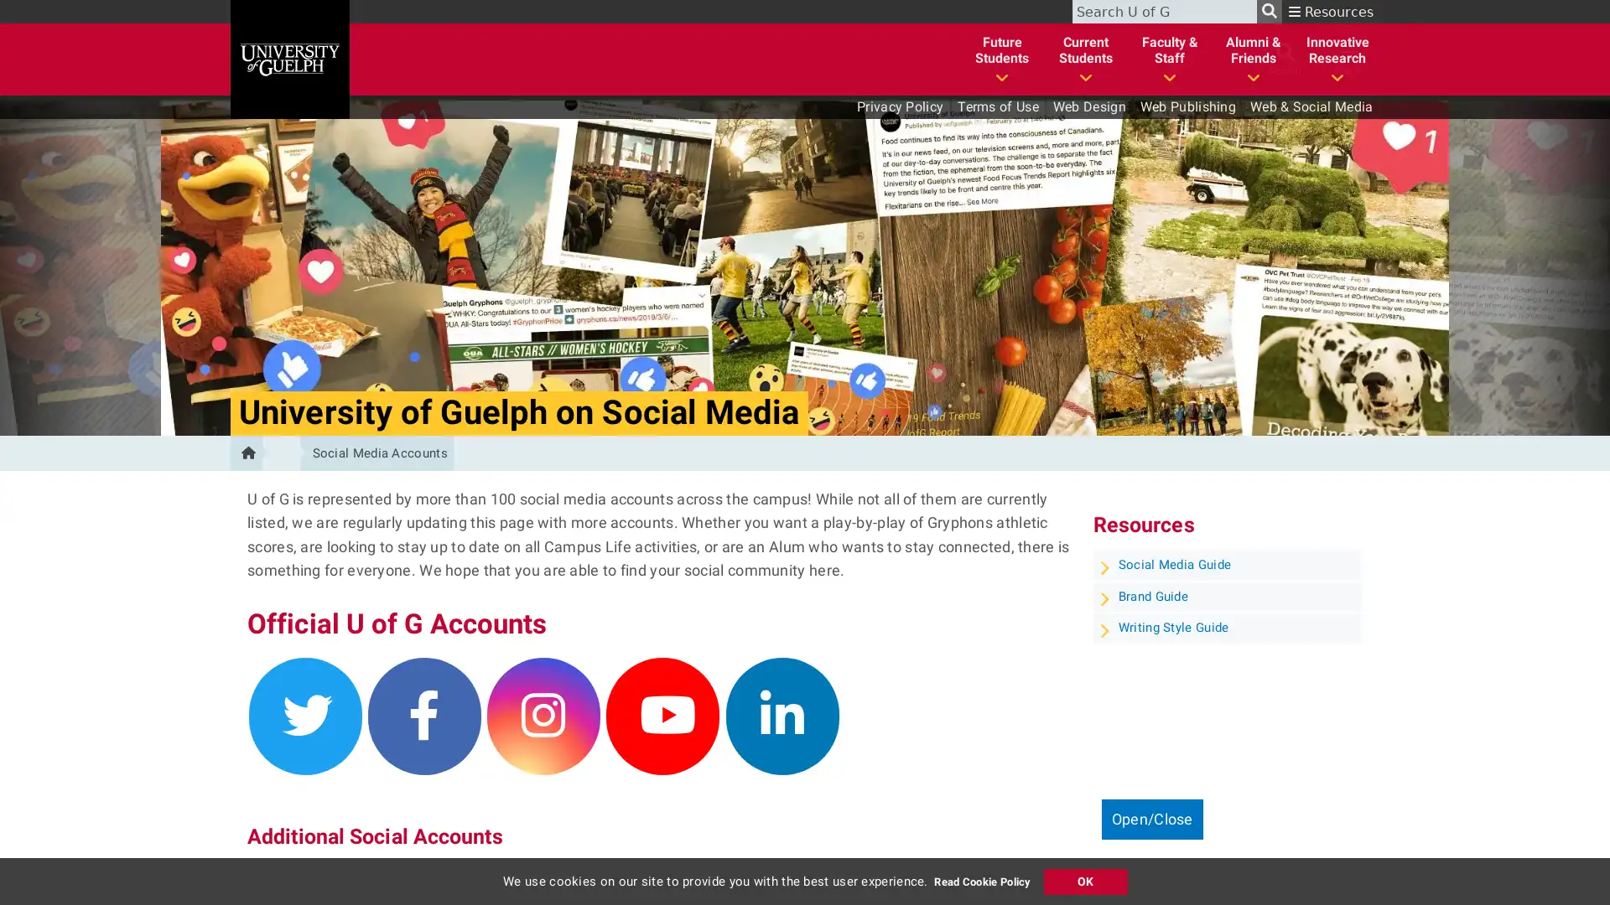  Describe the element at coordinates (1150, 818) in the screenshot. I see `Open/Close` at that location.